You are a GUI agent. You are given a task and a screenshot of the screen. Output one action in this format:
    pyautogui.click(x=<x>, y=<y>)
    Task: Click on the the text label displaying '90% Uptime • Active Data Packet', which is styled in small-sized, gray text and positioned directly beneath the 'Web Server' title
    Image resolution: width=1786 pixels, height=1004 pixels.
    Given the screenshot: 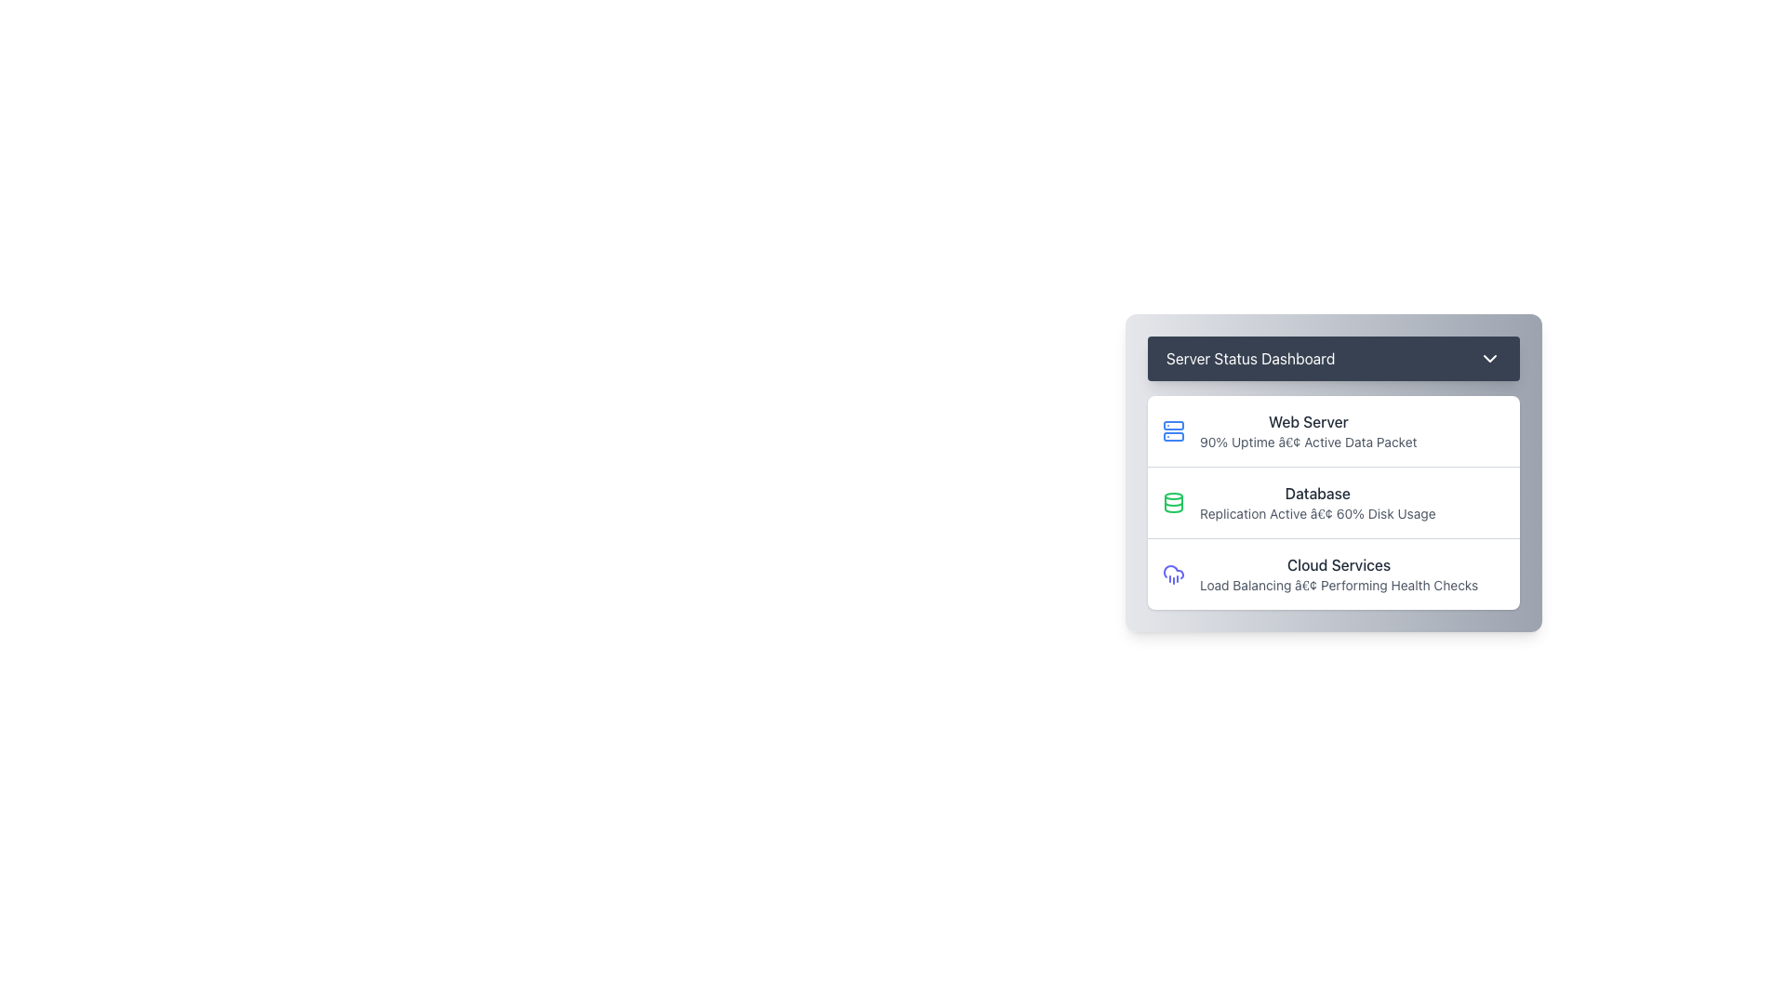 What is the action you would take?
    pyautogui.click(x=1307, y=442)
    